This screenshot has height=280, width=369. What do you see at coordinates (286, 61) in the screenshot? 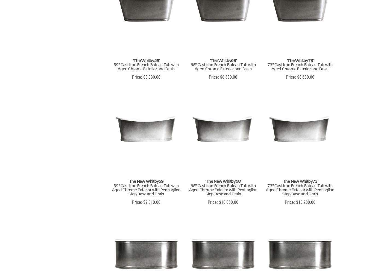
I see `''The Whitby73''` at bounding box center [286, 61].